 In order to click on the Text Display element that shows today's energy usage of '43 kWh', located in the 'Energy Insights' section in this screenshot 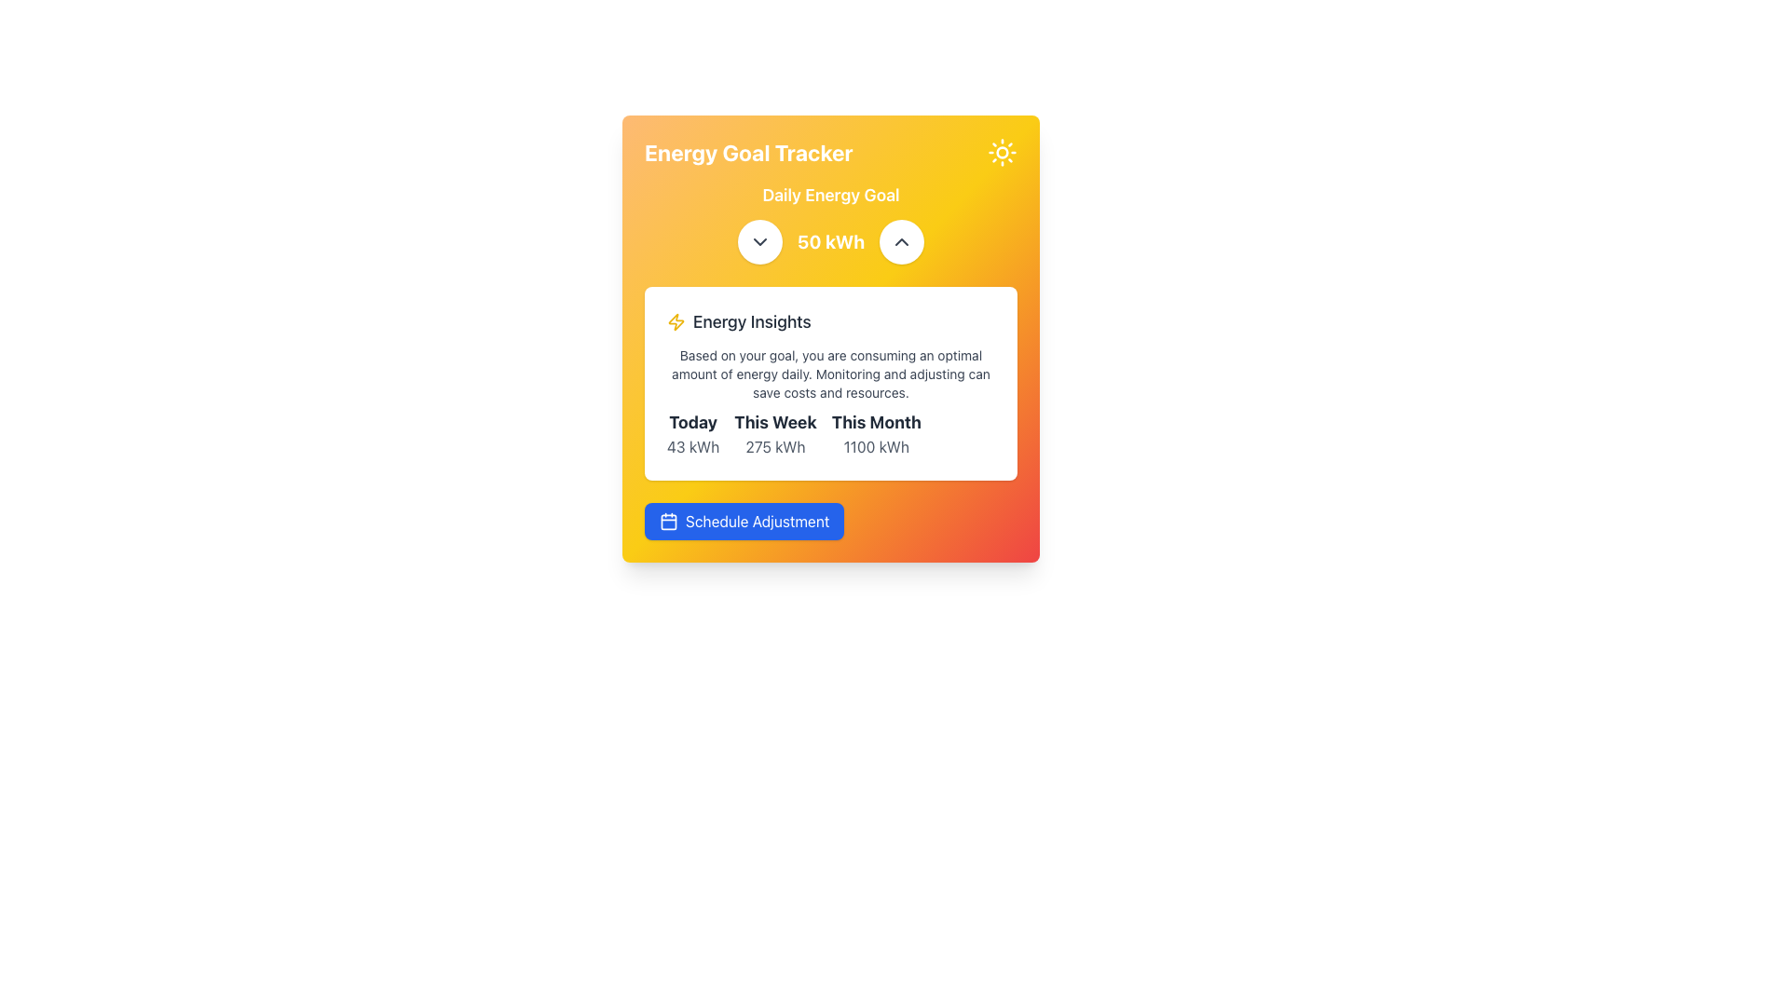, I will do `click(692, 434)`.